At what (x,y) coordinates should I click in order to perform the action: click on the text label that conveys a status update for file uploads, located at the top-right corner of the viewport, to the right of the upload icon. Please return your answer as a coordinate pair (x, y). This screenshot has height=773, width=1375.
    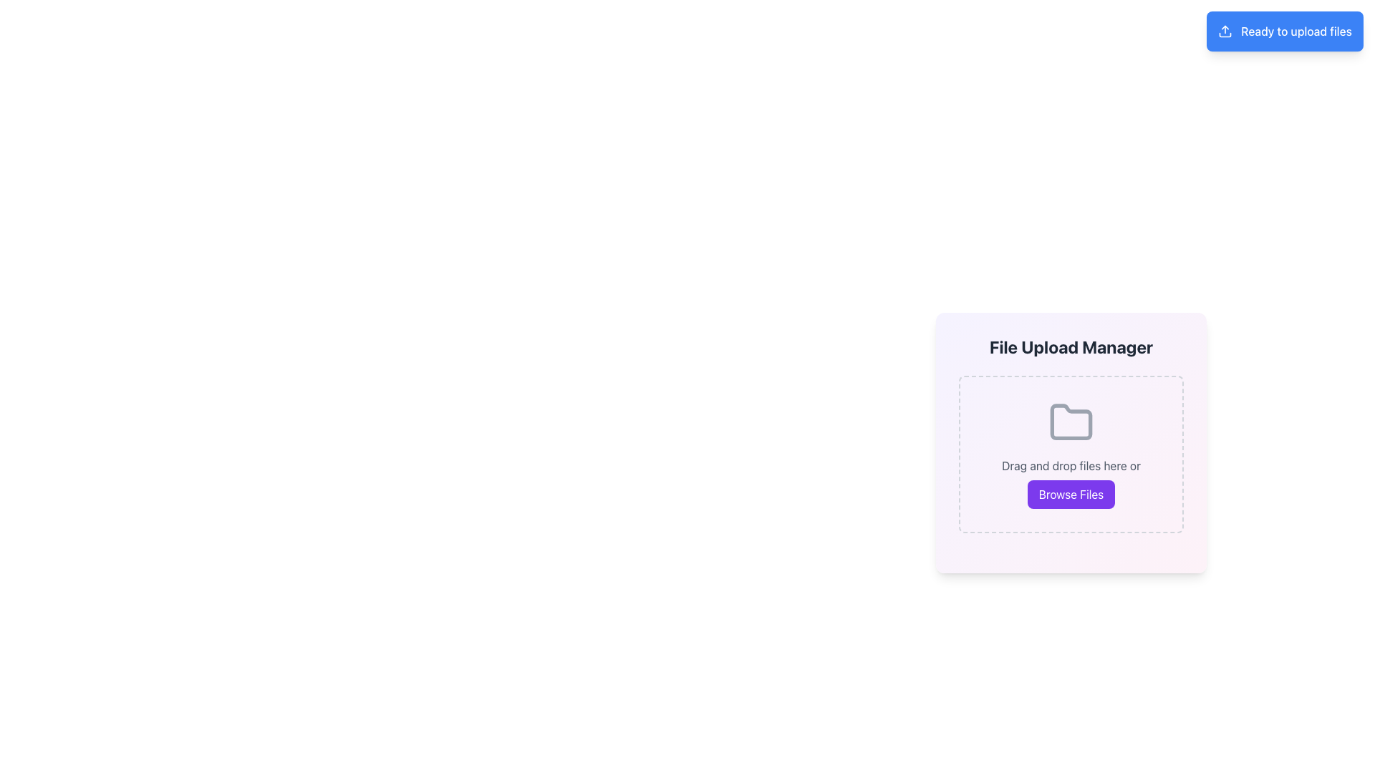
    Looking at the image, I should click on (1296, 31).